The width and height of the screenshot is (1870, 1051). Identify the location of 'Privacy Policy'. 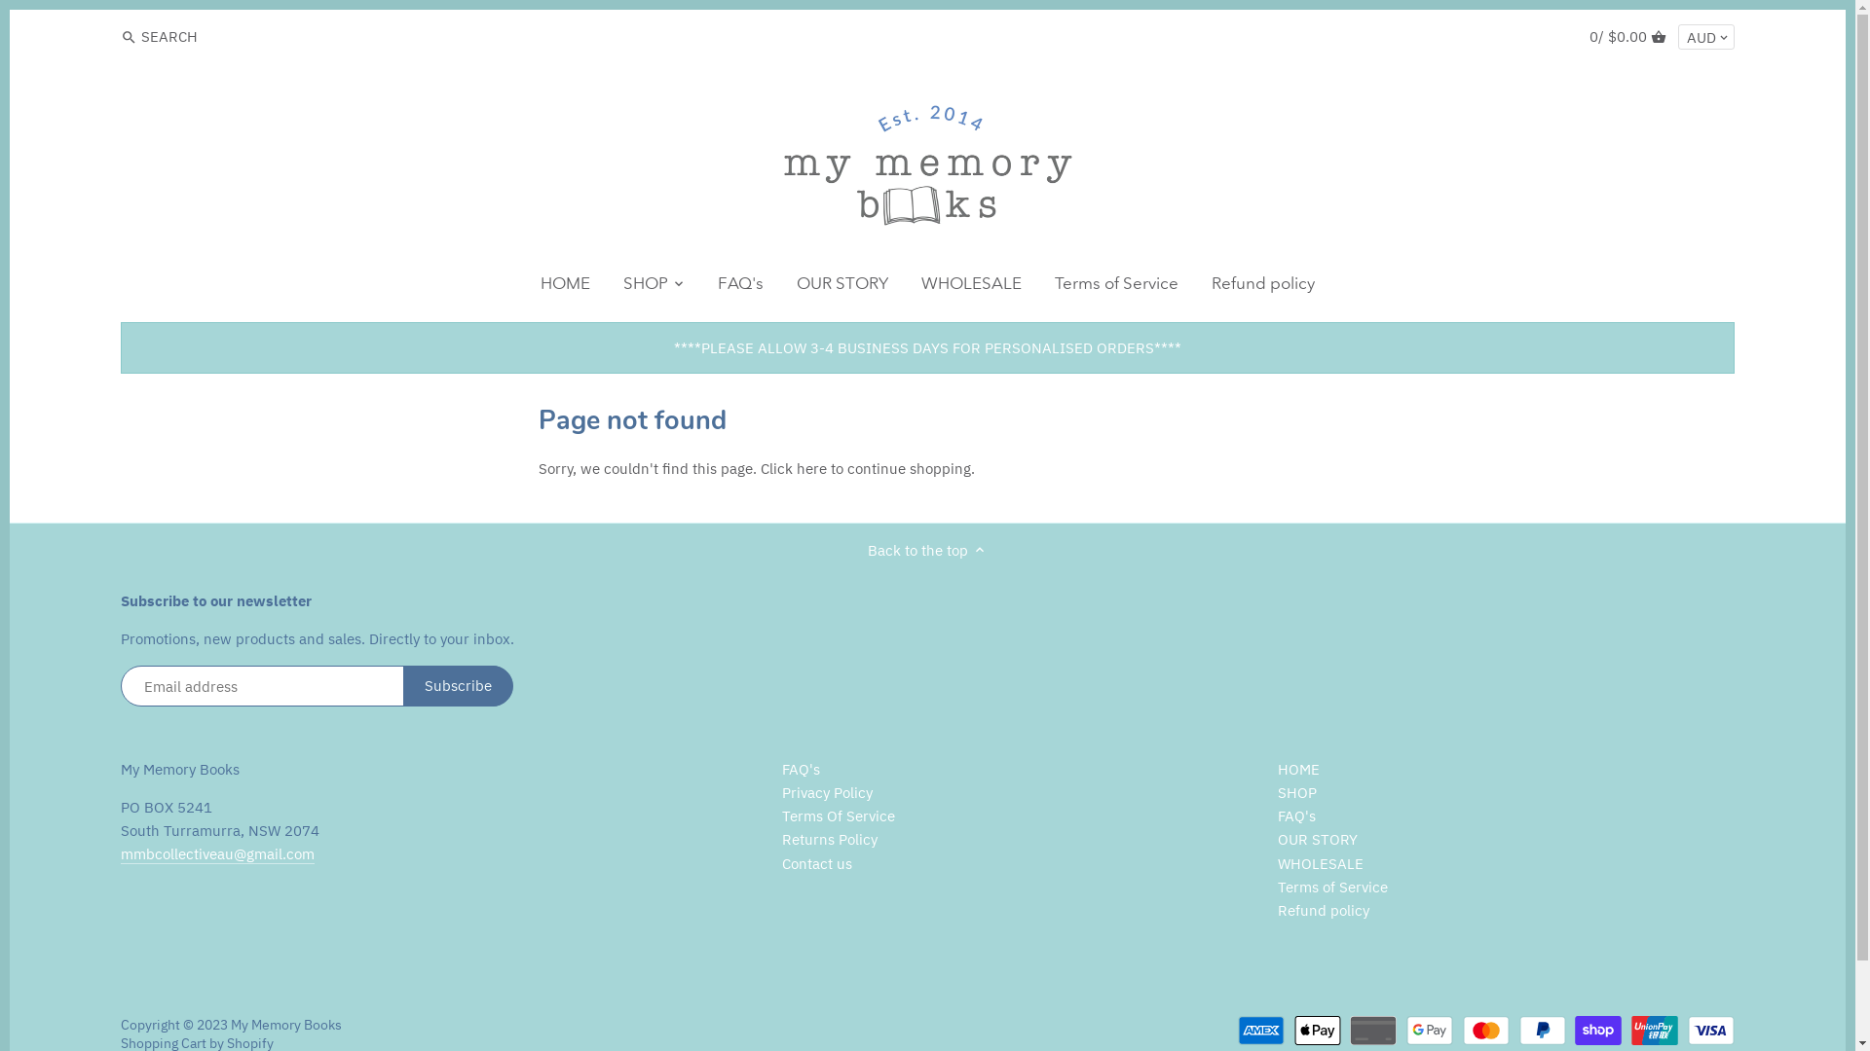
(827, 792).